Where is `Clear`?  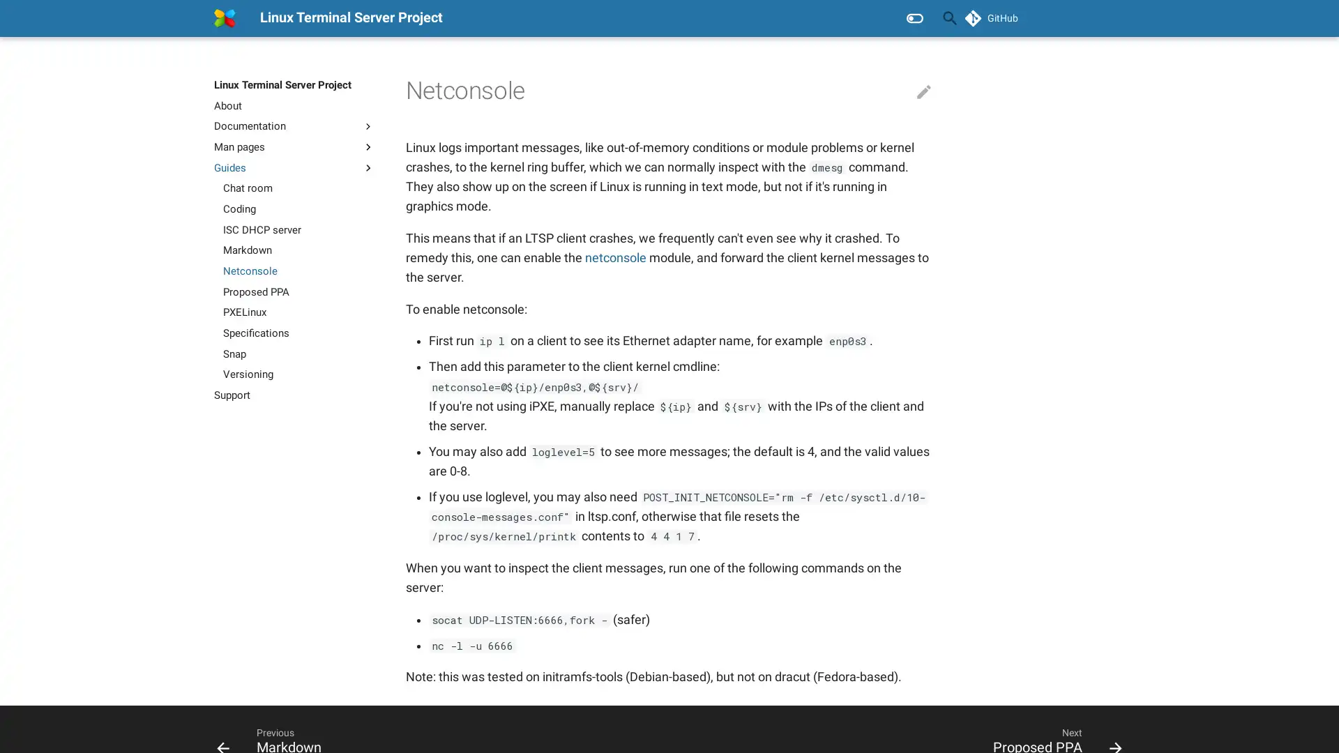 Clear is located at coordinates (916, 18).